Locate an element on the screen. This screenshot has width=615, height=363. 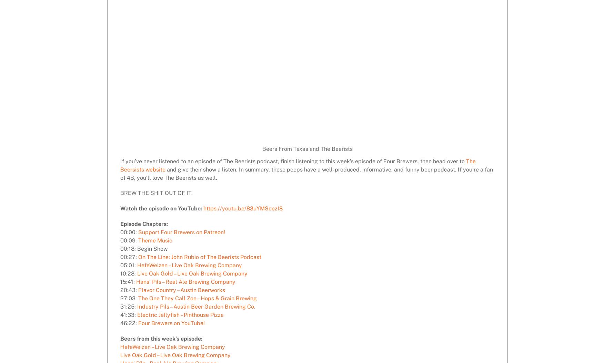
'Notify me of new posts by email.' is located at coordinates (158, 210).